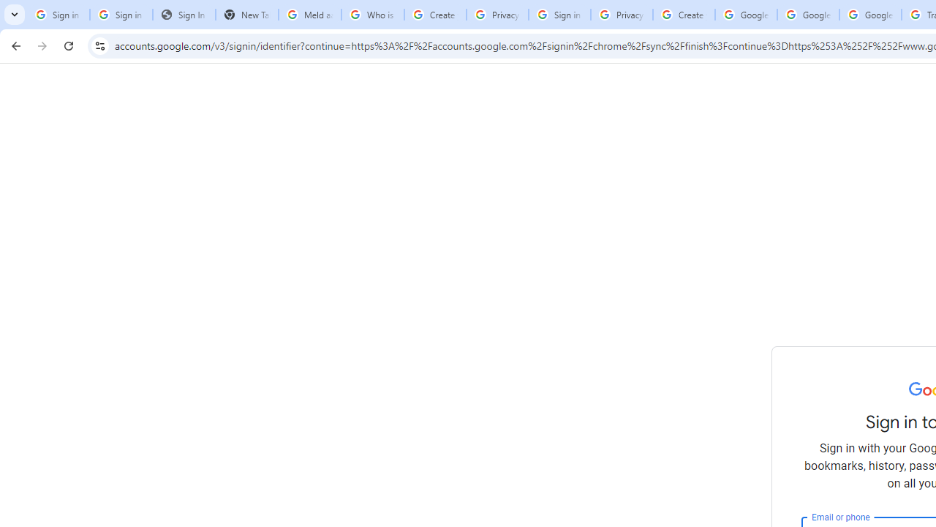  Describe the element at coordinates (373, 15) in the screenshot. I see `'Who is my administrator? - Google Account Help'` at that location.